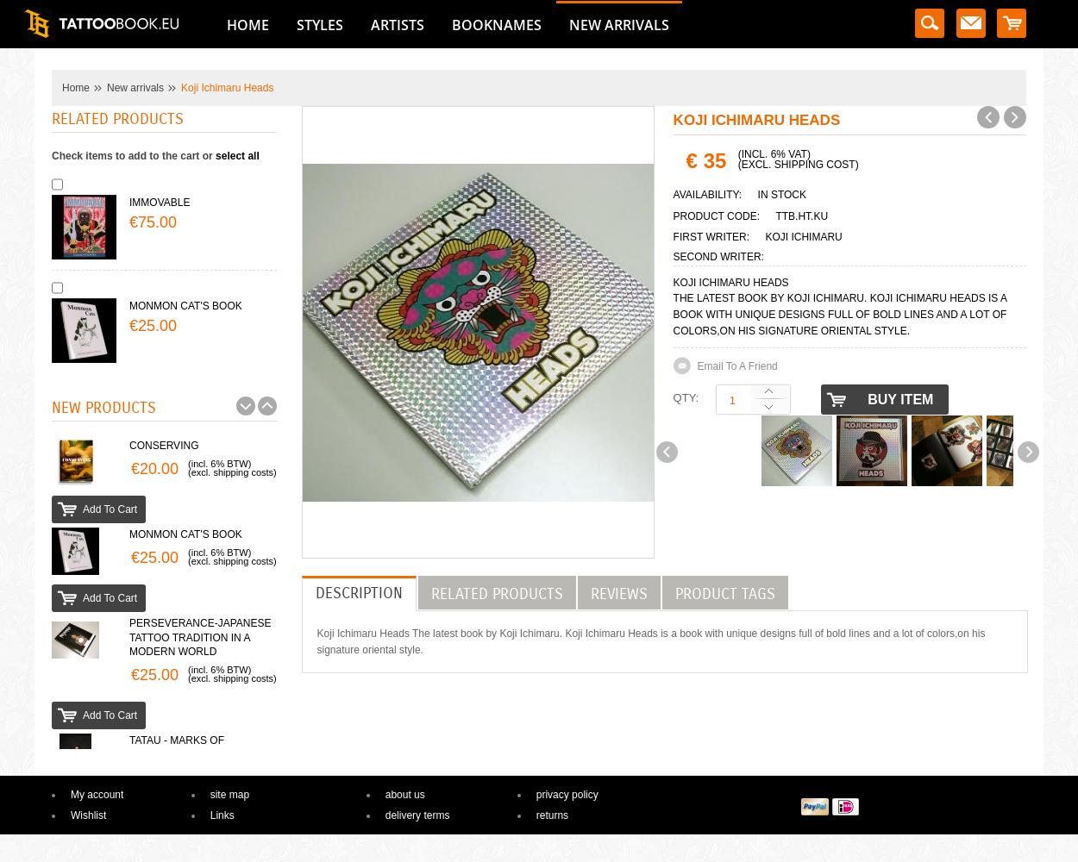  I want to click on 'delivery terms', so click(416, 815).